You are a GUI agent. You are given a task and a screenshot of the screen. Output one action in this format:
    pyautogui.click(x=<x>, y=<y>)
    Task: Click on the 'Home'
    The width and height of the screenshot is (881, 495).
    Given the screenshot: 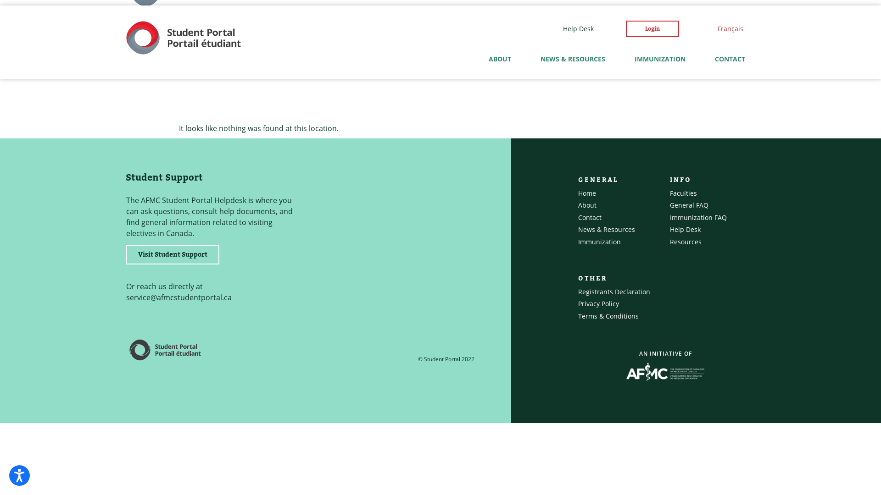 What is the action you would take?
    pyautogui.click(x=586, y=192)
    